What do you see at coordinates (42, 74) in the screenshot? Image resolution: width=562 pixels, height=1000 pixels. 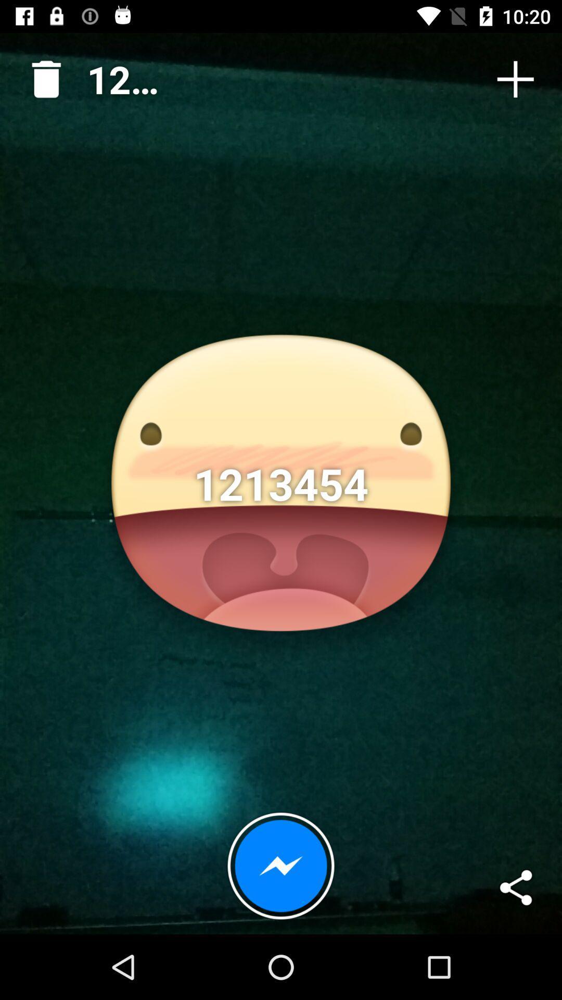 I see `the delete icon` at bounding box center [42, 74].